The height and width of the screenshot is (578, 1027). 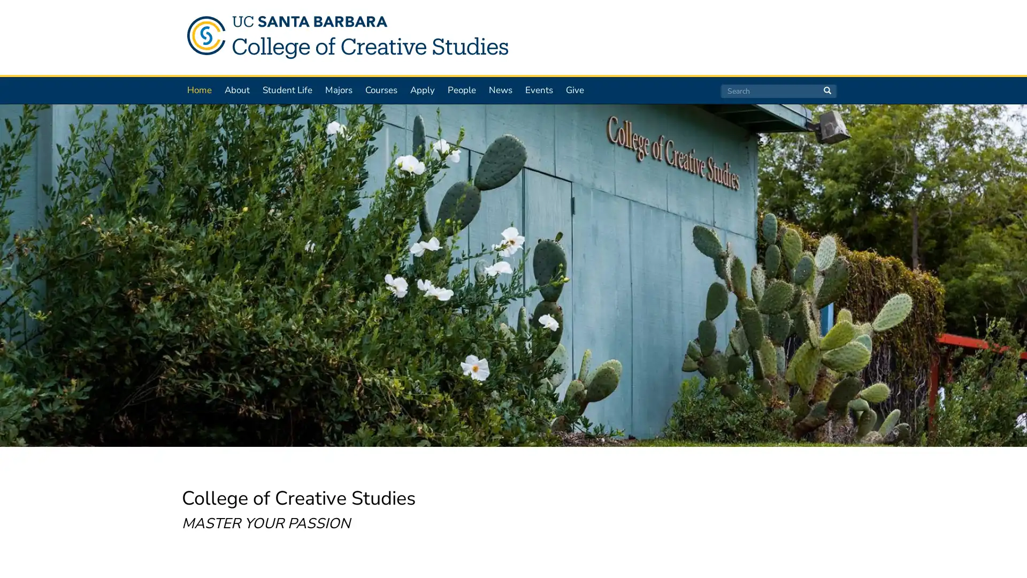 I want to click on Search, so click(x=826, y=90).